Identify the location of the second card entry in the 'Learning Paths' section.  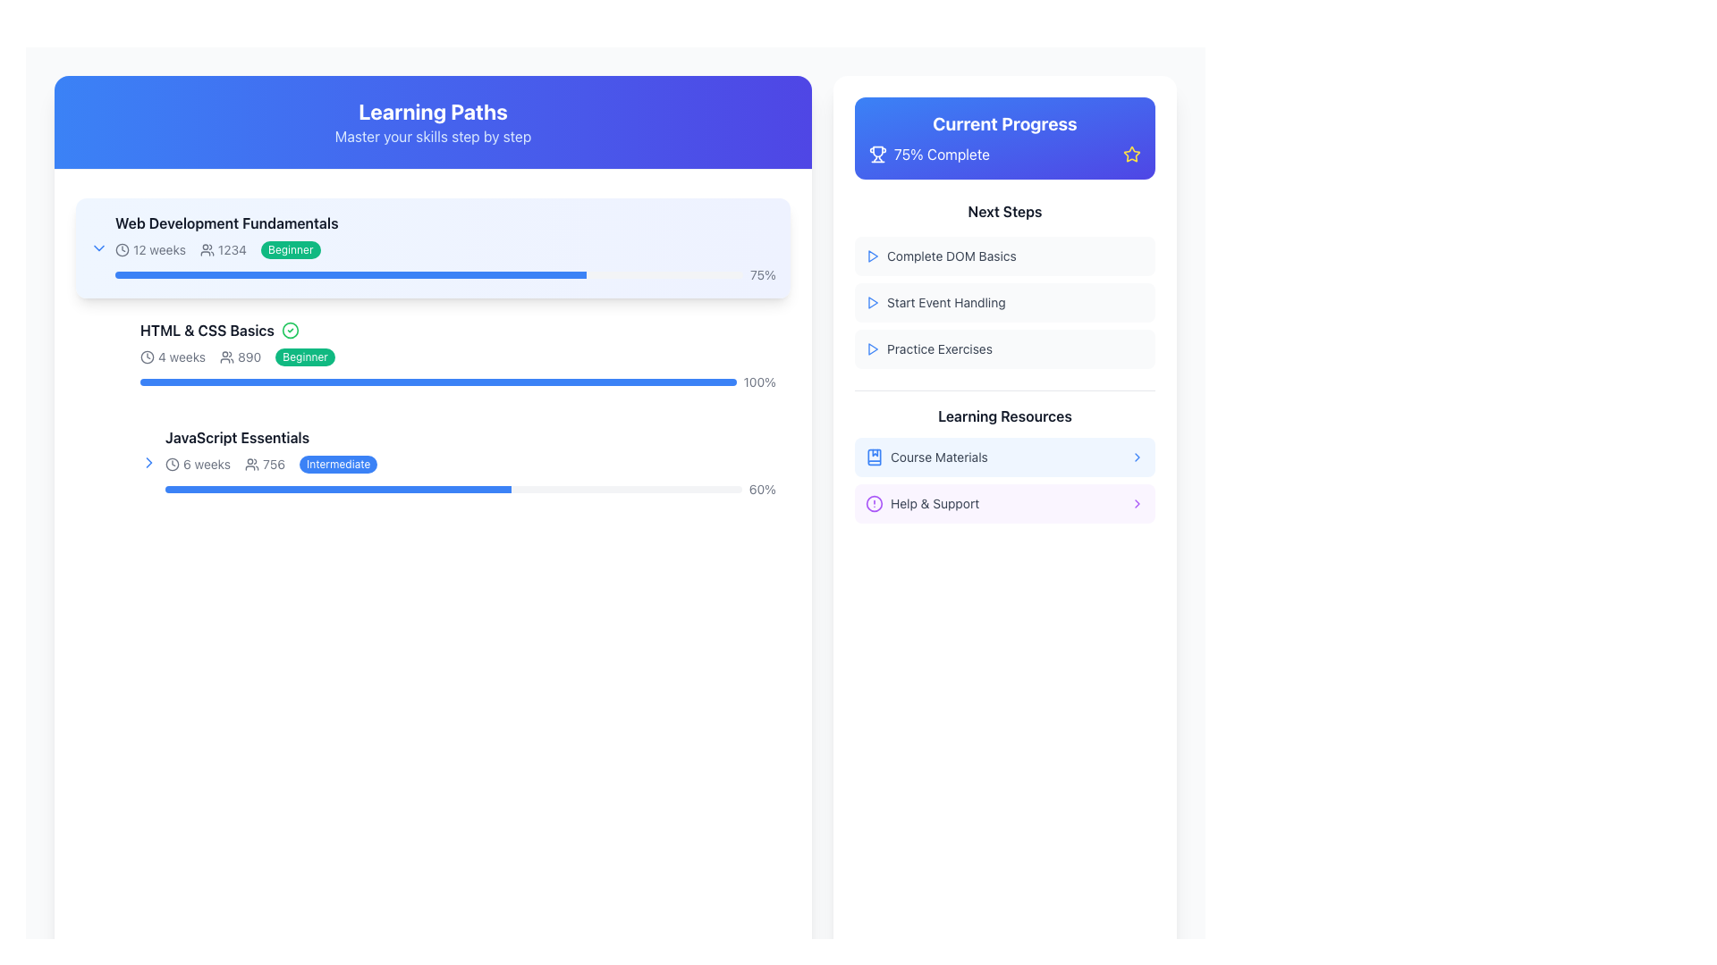
(458, 355).